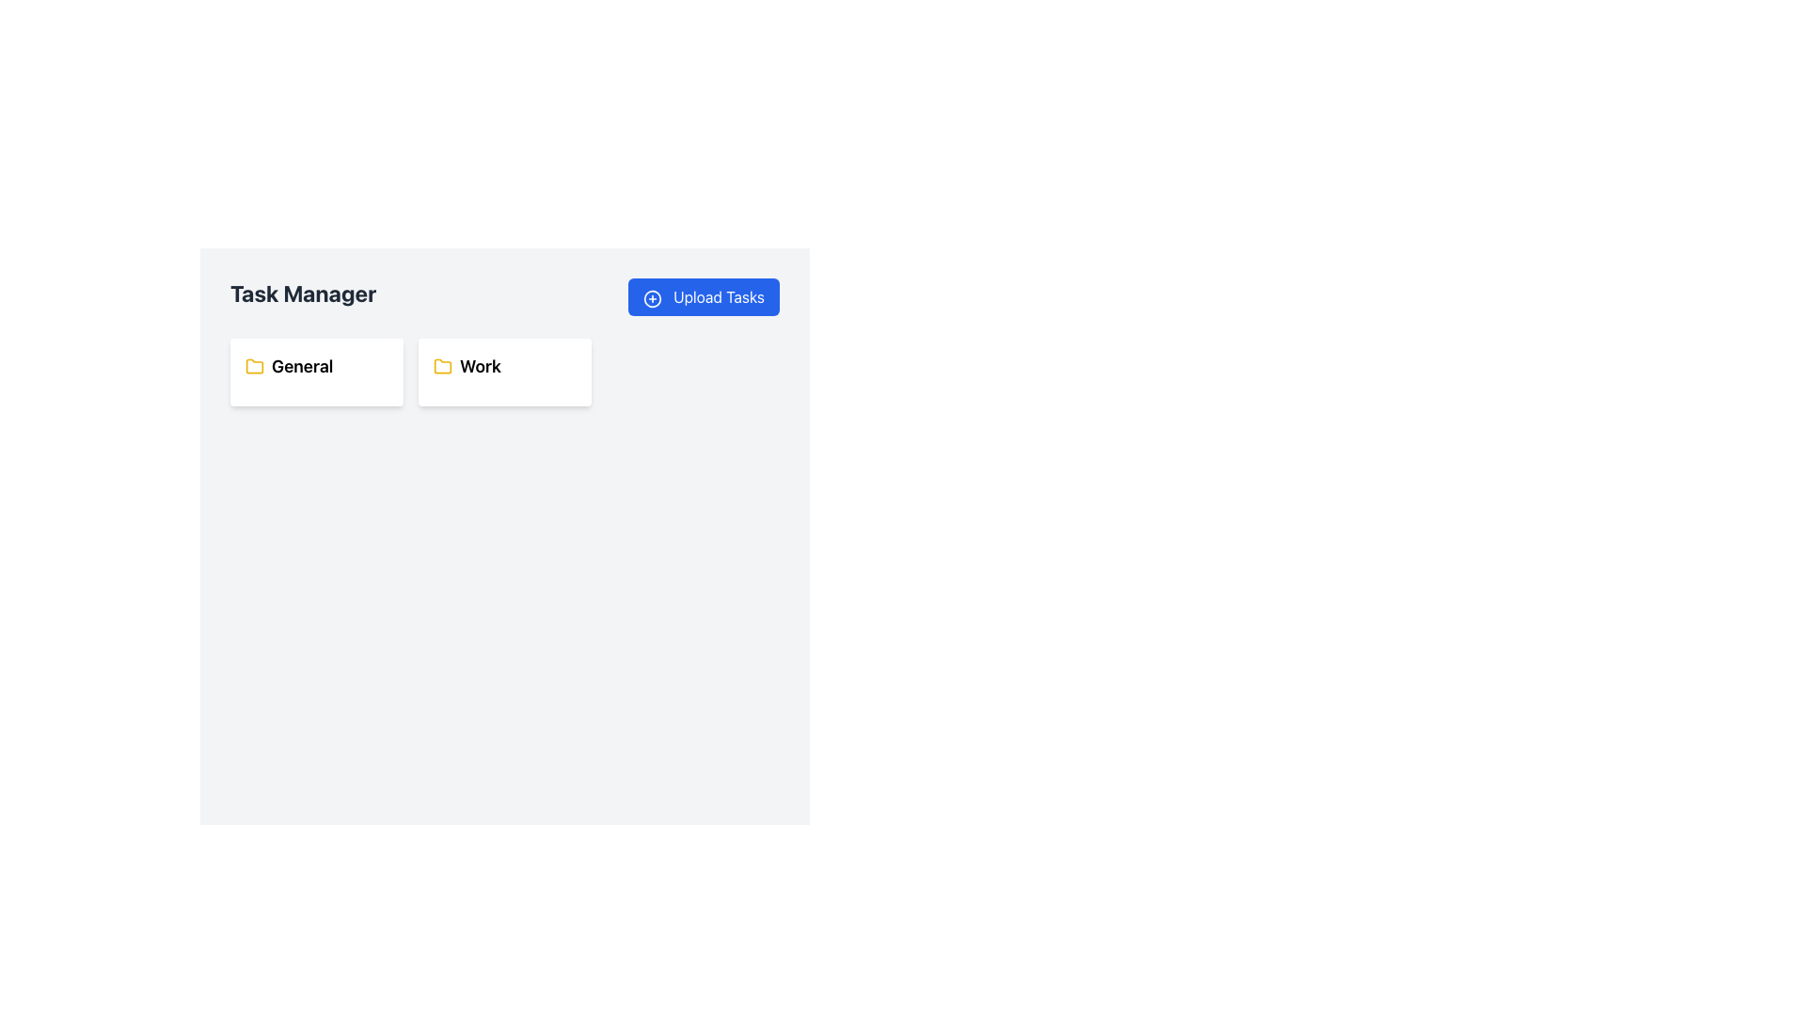 The image size is (1806, 1016). Describe the element at coordinates (316, 373) in the screenshot. I see `the 'General' card located in the first row of the grid layout` at that location.